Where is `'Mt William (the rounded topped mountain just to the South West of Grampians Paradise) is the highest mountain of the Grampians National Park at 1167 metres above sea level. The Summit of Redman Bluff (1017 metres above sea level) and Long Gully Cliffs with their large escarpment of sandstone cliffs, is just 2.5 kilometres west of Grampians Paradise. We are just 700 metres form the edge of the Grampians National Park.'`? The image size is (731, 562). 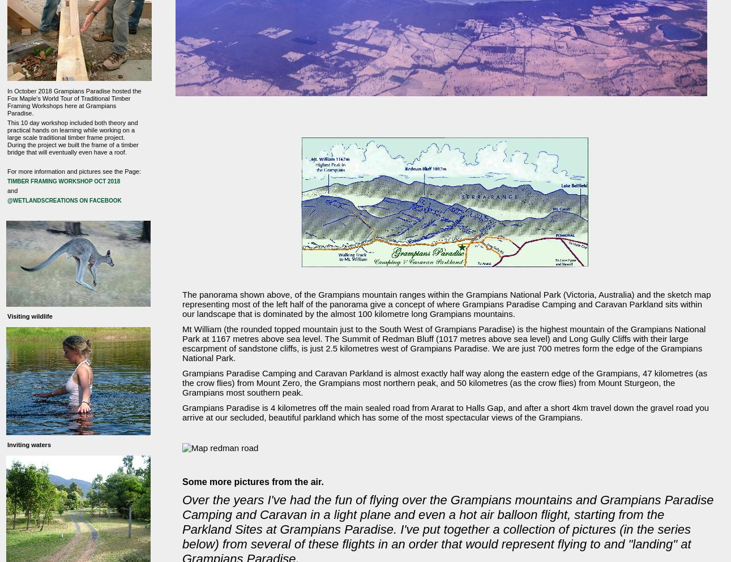 'Mt William (the rounded topped mountain just to the South West of Grampians Paradise) is the highest mountain of the Grampians National Park at 1167 metres above sea level. The Summit of Redman Bluff (1017 metres above sea level) and Long Gully Cliffs with their large escarpment of sandstone cliffs, is just 2.5 kilometres west of Grampians Paradise. We are just 700 metres form the edge of the Grampians National Park.' is located at coordinates (444, 344).